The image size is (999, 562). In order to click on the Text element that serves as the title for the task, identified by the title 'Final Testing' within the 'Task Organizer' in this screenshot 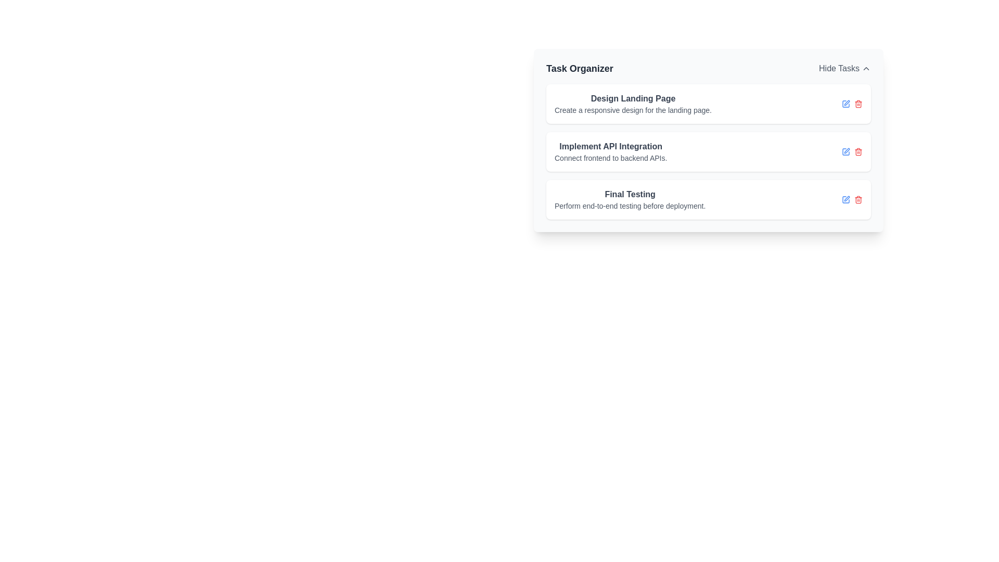, I will do `click(630, 195)`.